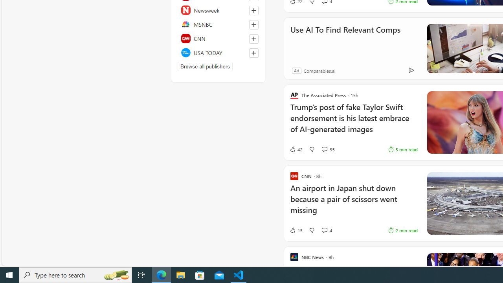  Describe the element at coordinates (326, 230) in the screenshot. I see `'View comments 4 Comment'` at that location.